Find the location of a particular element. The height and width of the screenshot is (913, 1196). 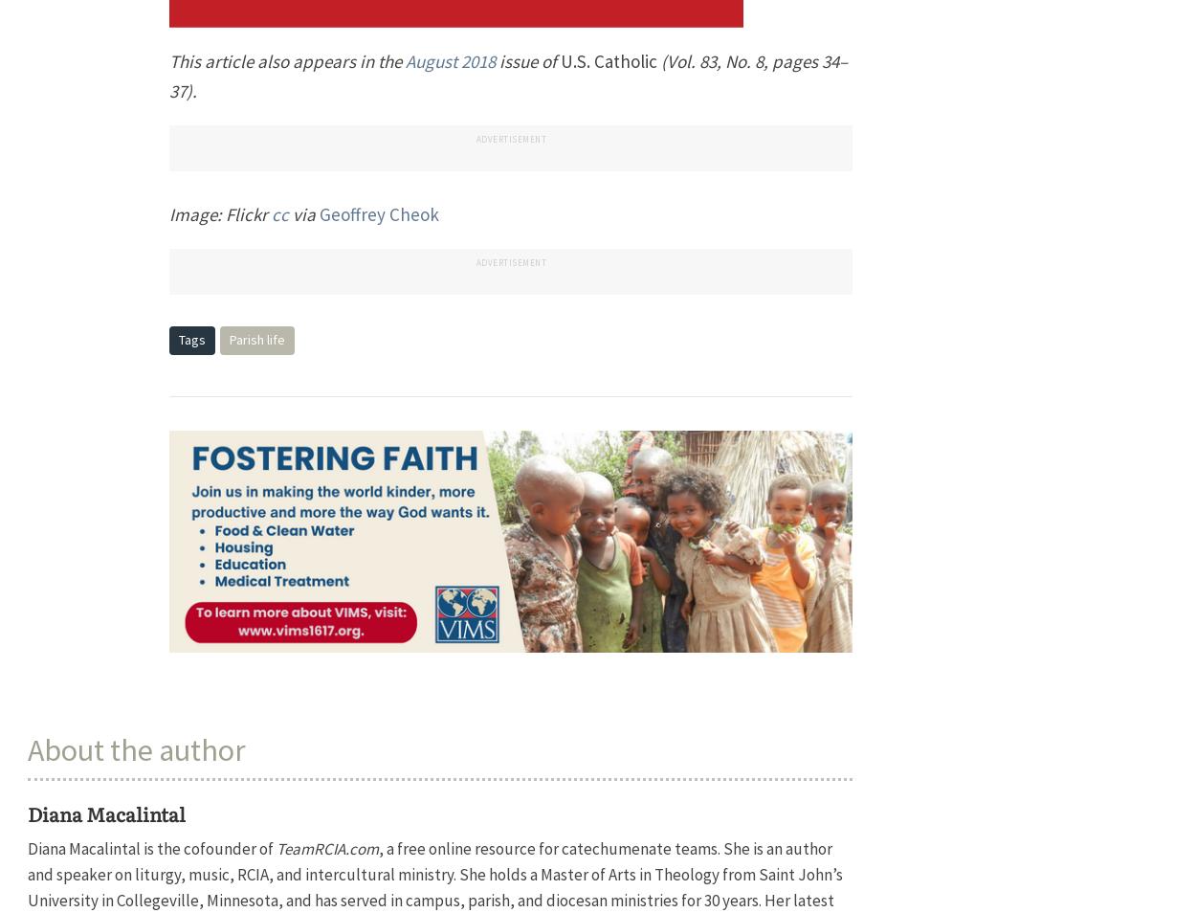

'via' is located at coordinates (303, 212).